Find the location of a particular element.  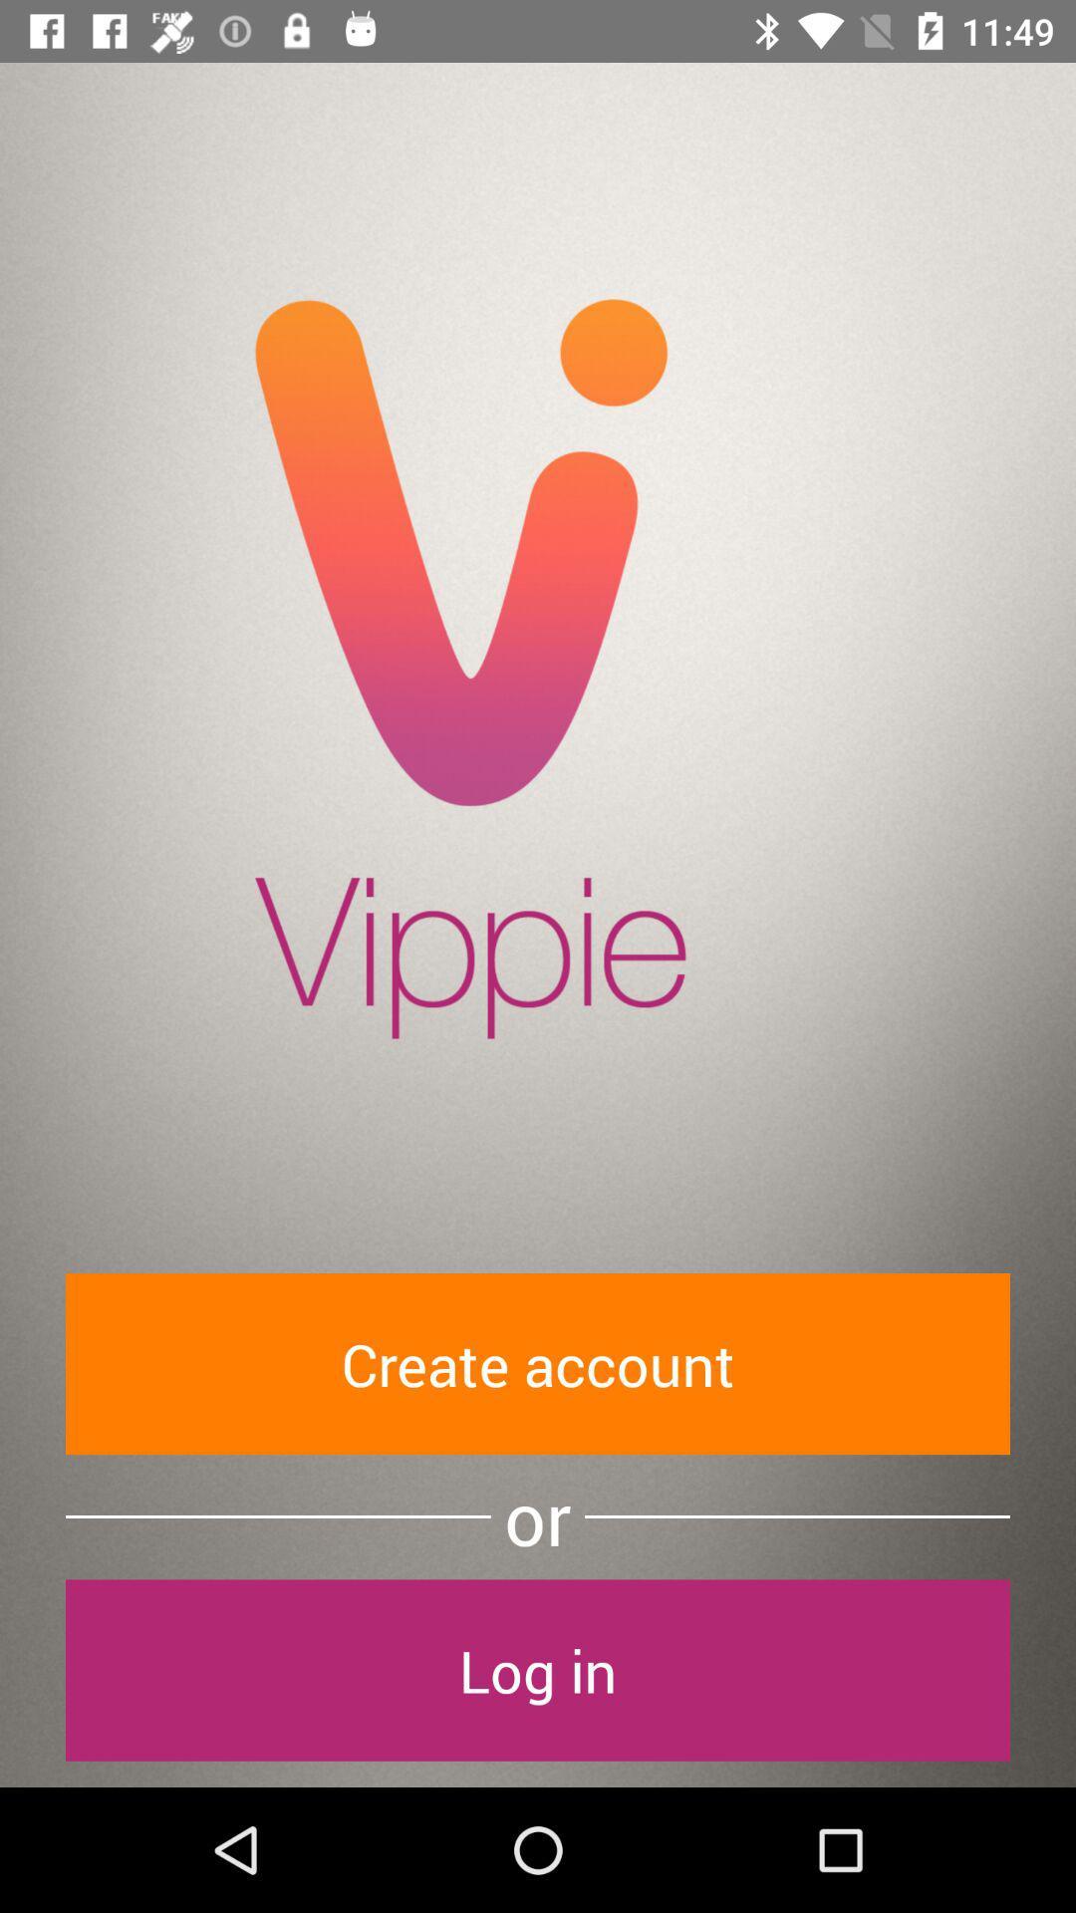

create account item is located at coordinates (538, 1363).